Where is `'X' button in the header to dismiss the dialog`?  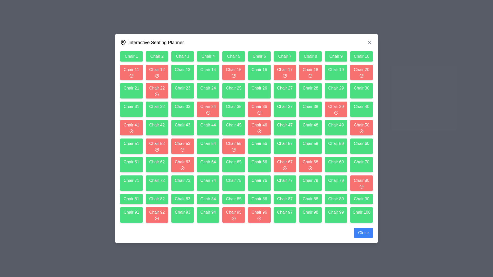 'X' button in the header to dismiss the dialog is located at coordinates (370, 42).